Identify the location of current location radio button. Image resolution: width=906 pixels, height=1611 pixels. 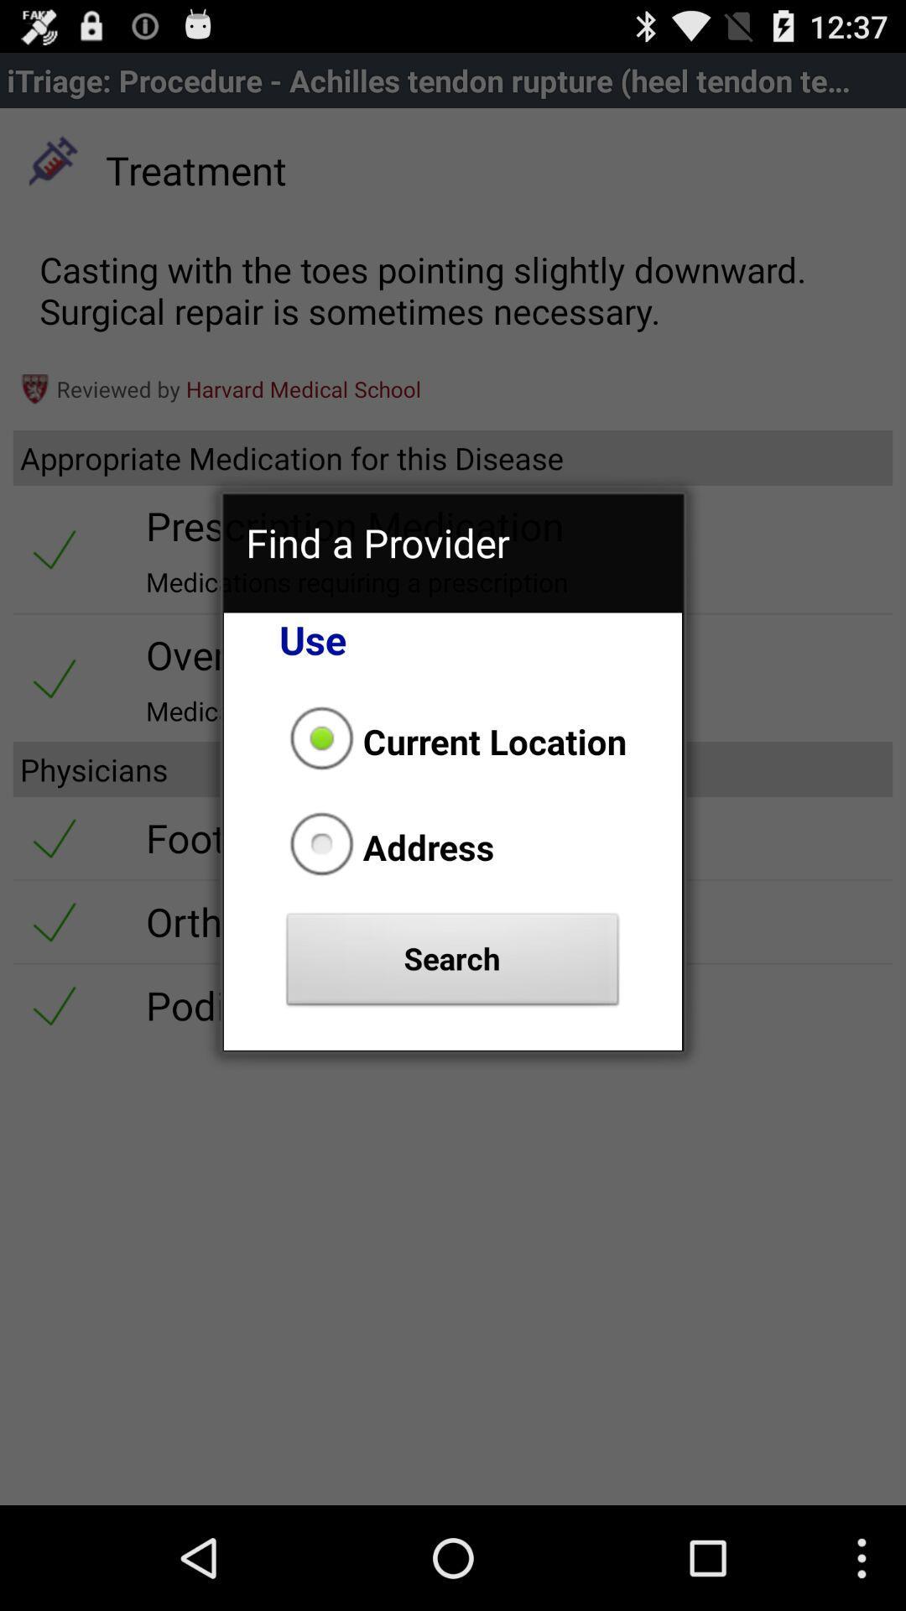
(453, 740).